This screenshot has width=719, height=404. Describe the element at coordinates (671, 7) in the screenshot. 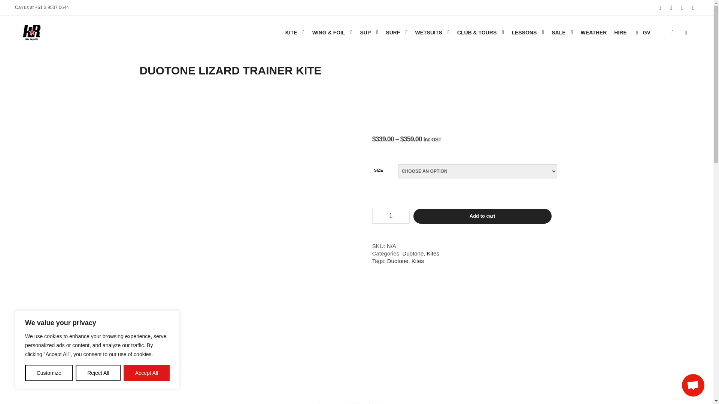

I see `'YouTube'` at that location.